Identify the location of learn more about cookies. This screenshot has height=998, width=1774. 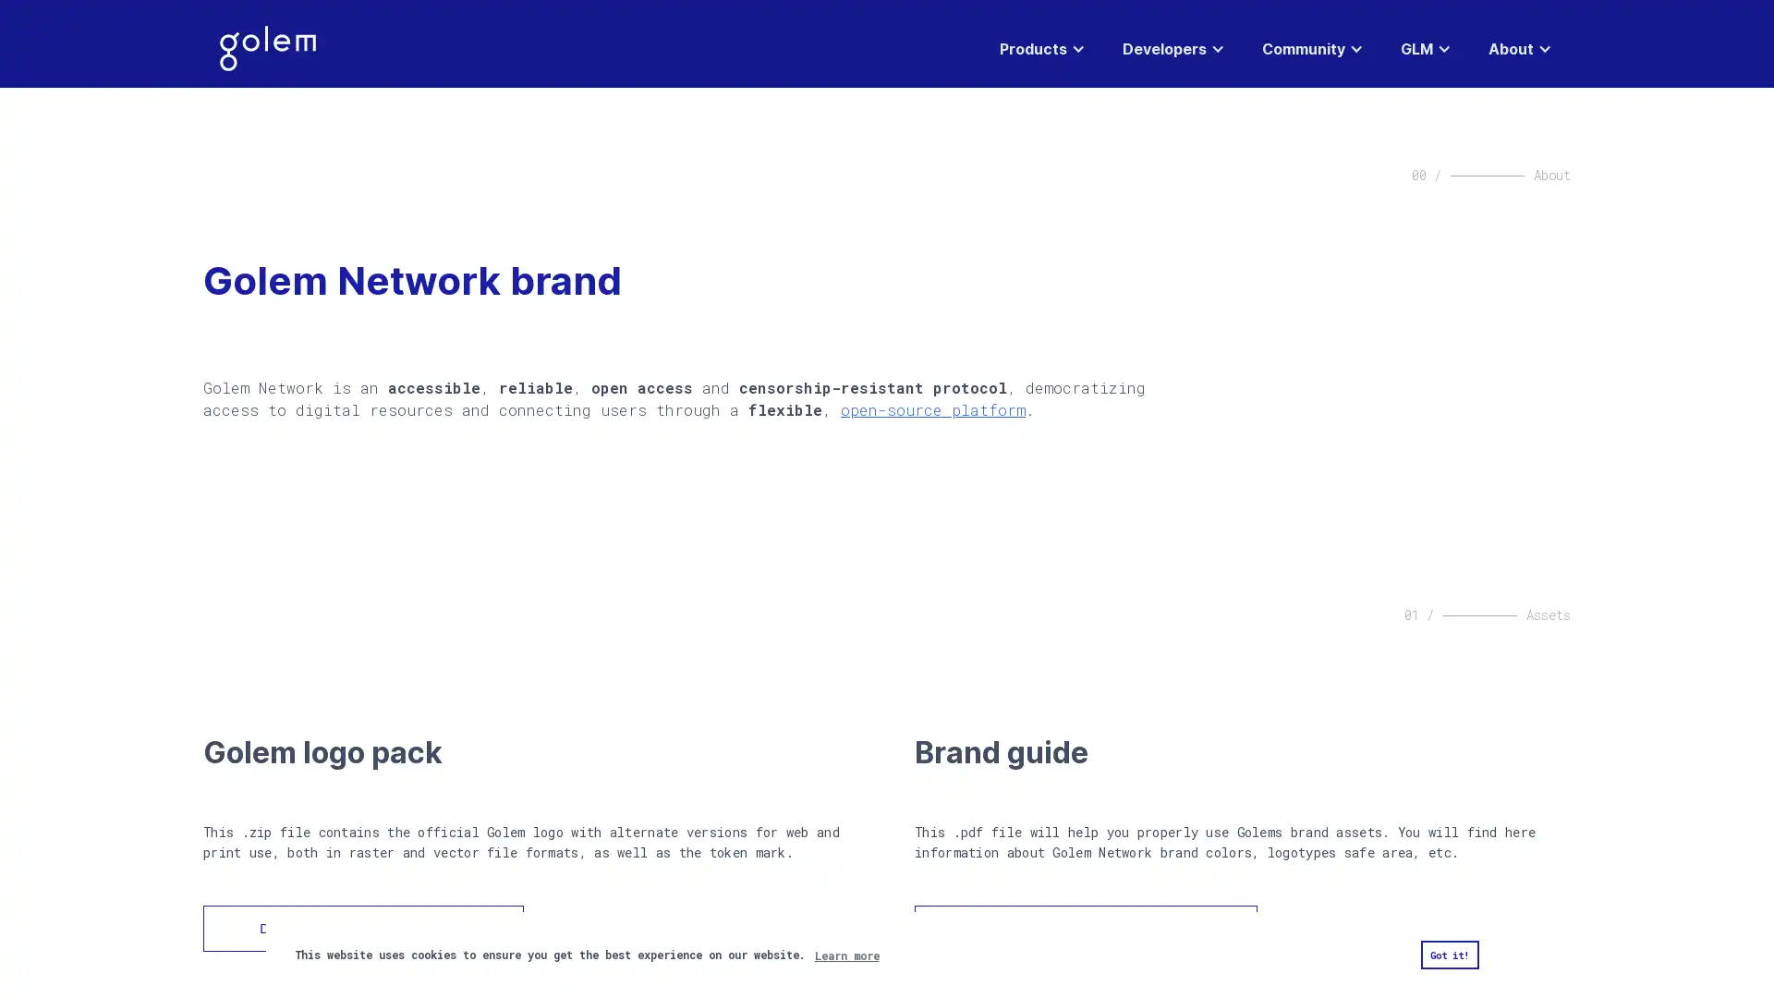
(845, 955).